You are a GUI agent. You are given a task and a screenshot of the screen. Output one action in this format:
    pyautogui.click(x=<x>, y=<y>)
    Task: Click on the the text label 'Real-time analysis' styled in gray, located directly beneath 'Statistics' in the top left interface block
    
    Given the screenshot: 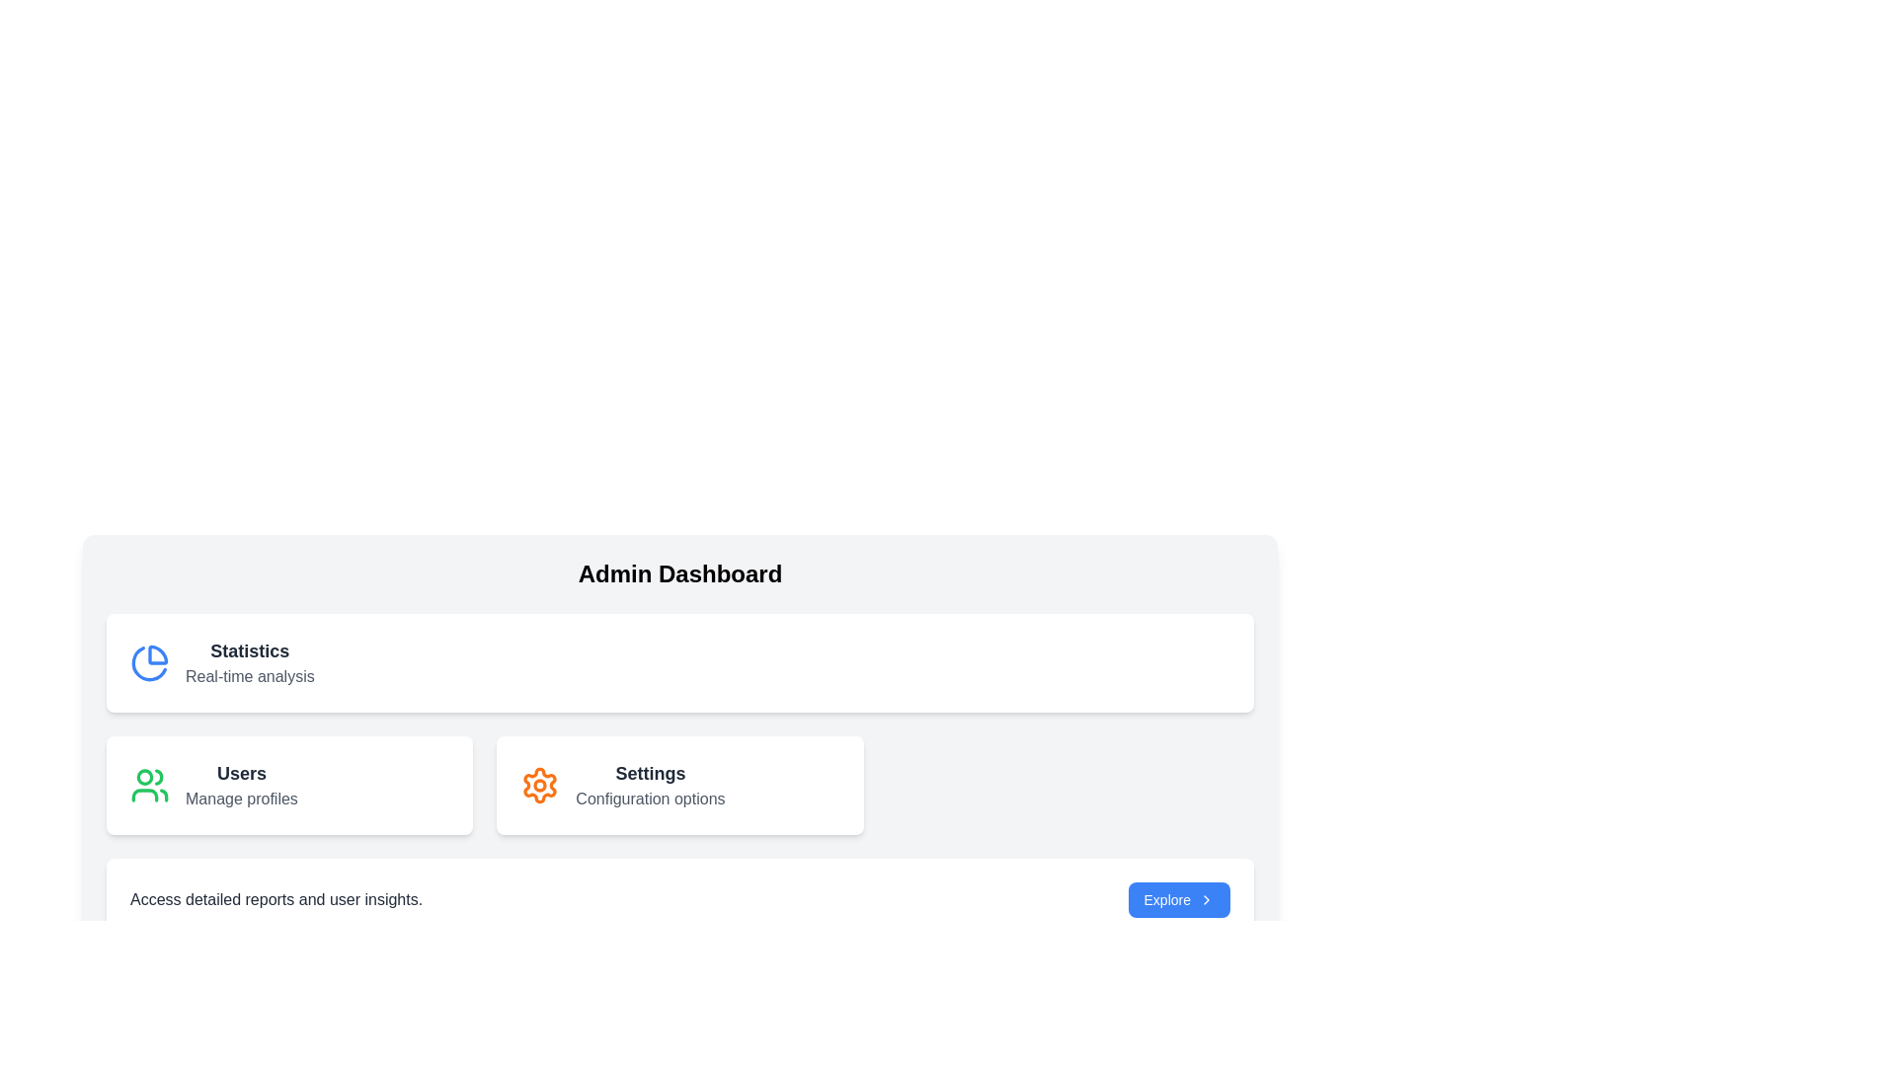 What is the action you would take?
    pyautogui.click(x=249, y=676)
    